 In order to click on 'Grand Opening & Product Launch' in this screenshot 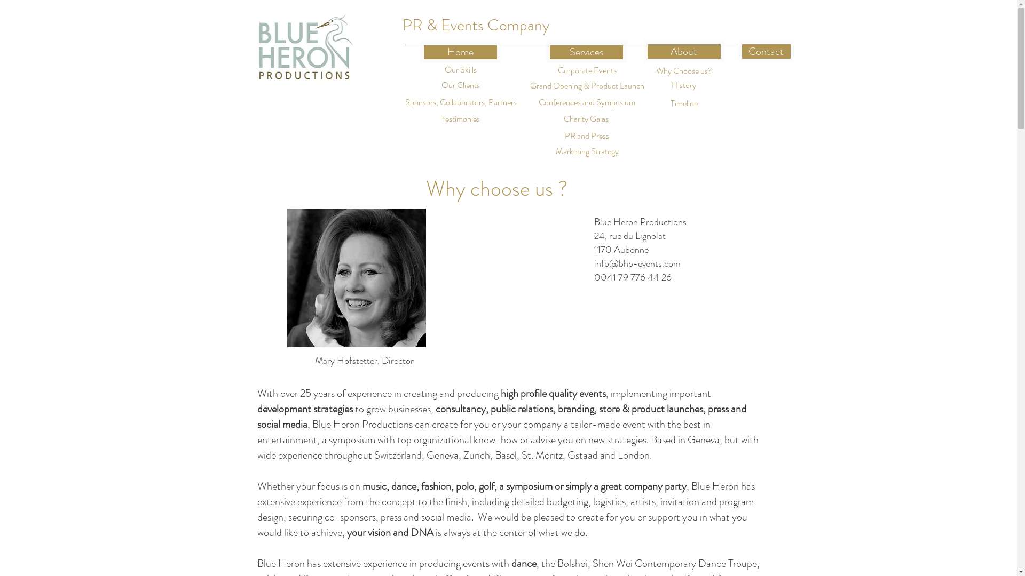, I will do `click(586, 85)`.